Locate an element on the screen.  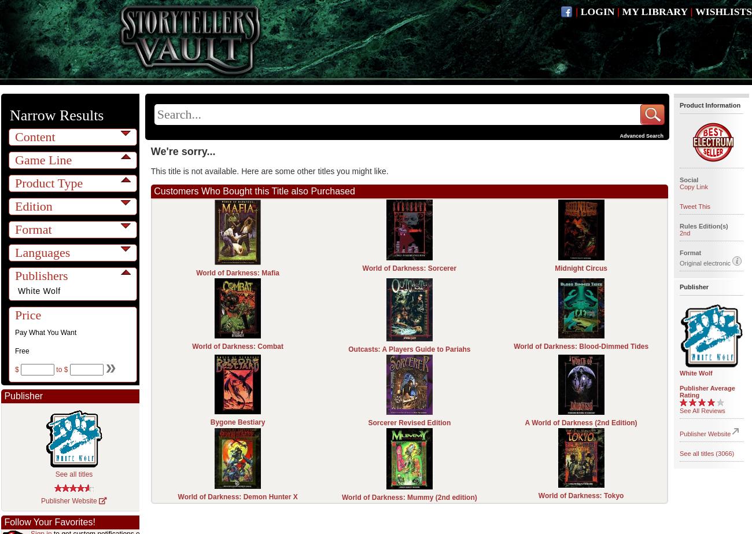
'Pay What You Want' is located at coordinates (14, 332).